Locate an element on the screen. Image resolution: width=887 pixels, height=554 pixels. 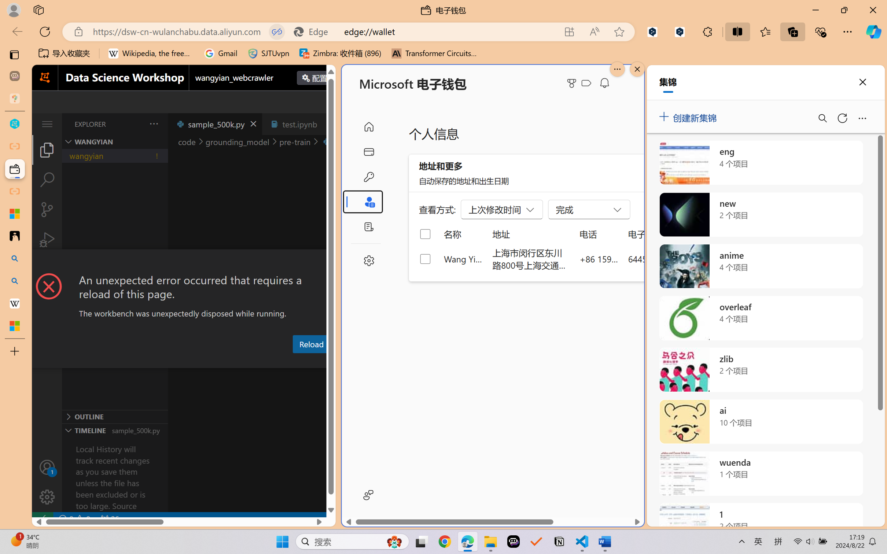
'Source Control (Ctrl+Shift+G)' is located at coordinates (47, 210).